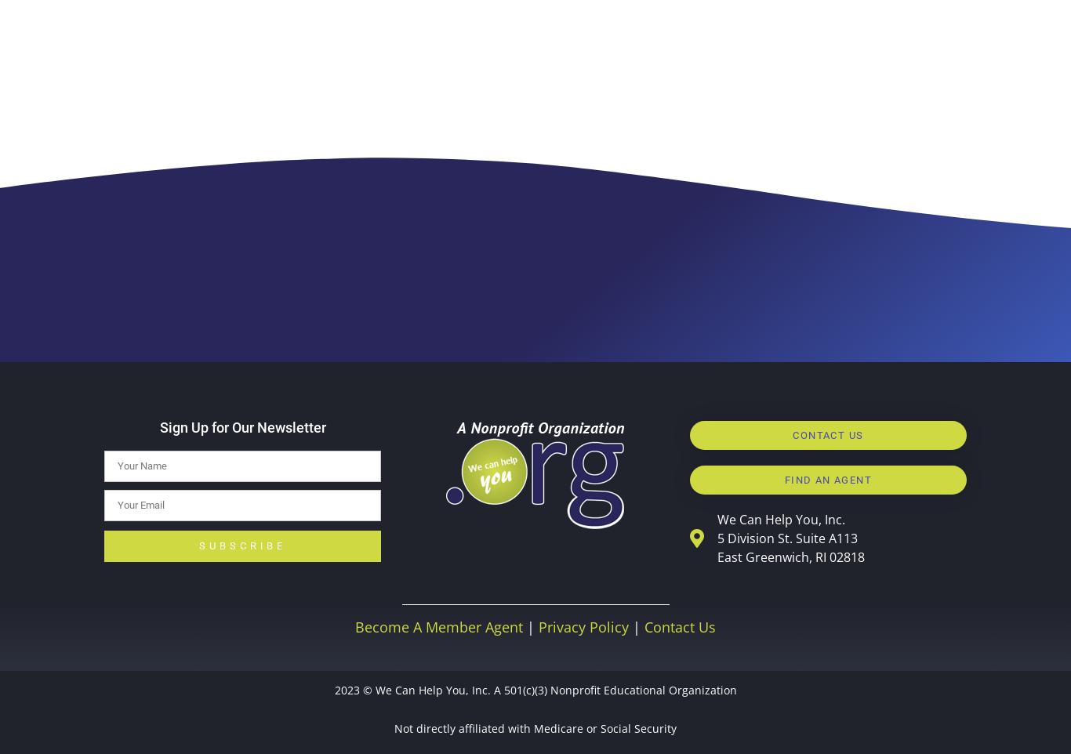 The image size is (1071, 754). What do you see at coordinates (826, 478) in the screenshot?
I see `'Find An Agent'` at bounding box center [826, 478].